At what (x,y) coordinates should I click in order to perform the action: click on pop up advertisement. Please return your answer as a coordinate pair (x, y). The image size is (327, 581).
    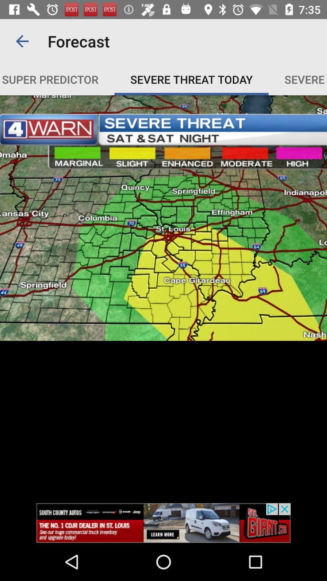
    Looking at the image, I should click on (163, 523).